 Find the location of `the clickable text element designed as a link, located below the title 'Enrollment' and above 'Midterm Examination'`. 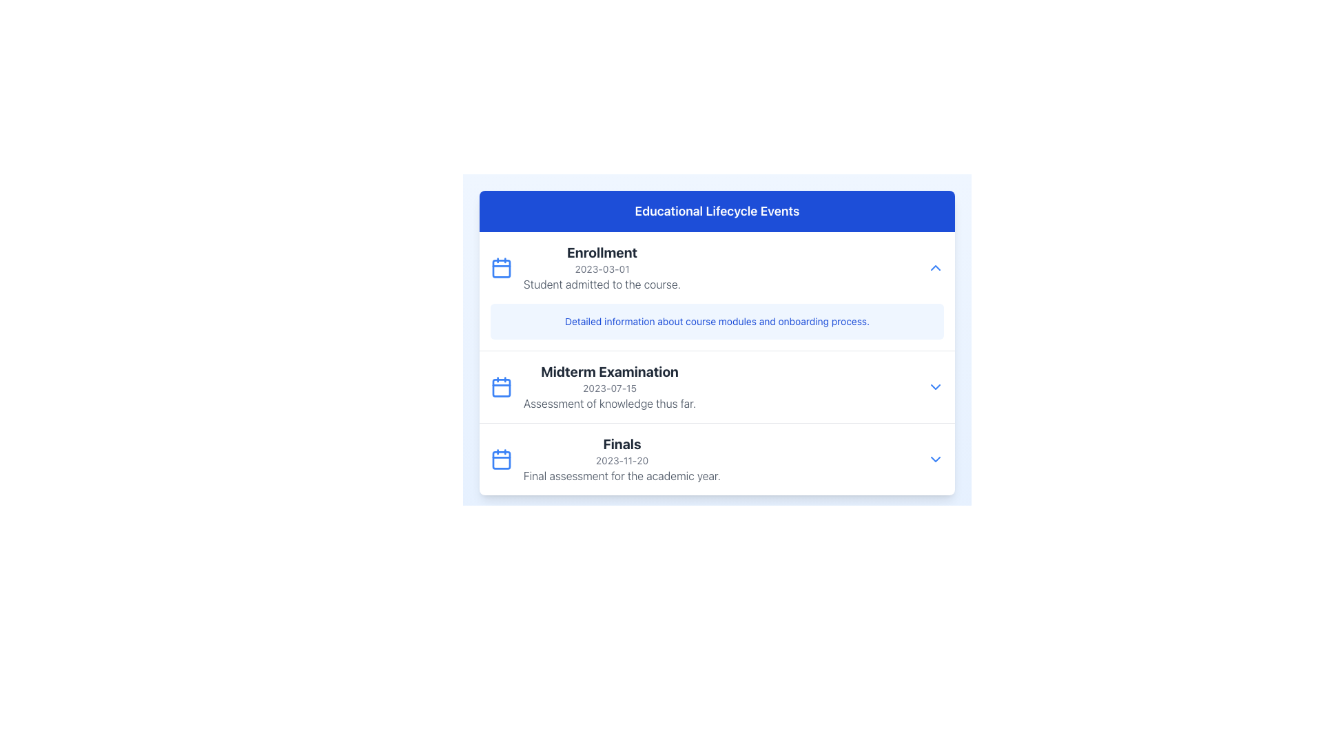

the clickable text element designed as a link, located below the title 'Enrollment' and above 'Midterm Examination' is located at coordinates (717, 331).